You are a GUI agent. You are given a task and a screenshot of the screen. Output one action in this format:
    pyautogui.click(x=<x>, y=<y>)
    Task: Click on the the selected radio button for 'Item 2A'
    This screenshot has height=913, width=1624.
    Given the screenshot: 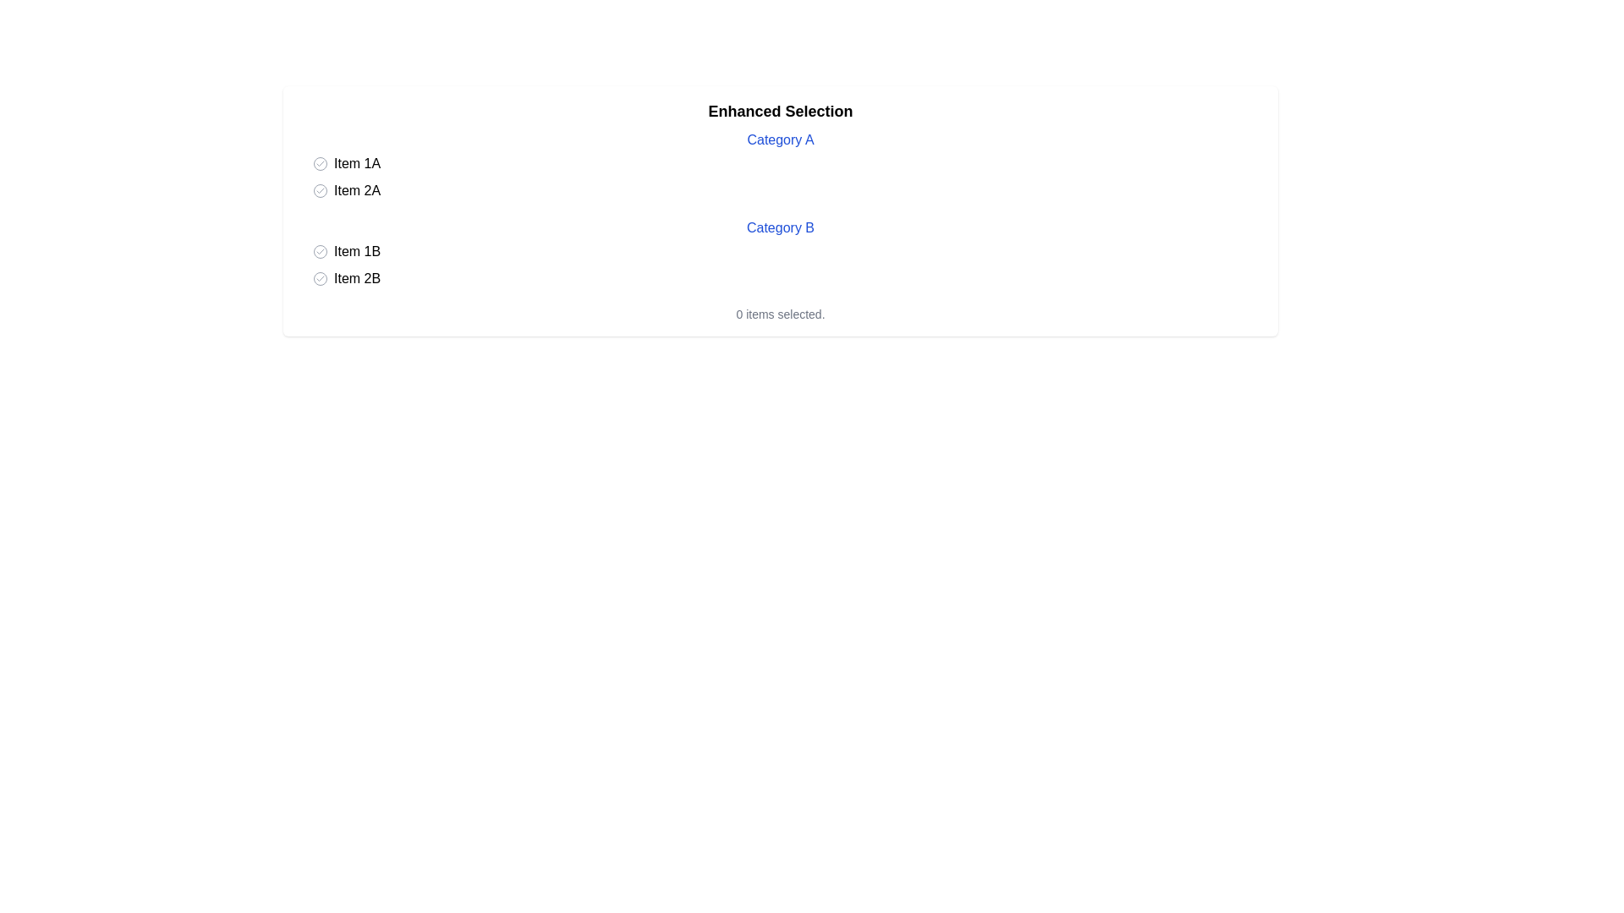 What is the action you would take?
    pyautogui.click(x=321, y=190)
    